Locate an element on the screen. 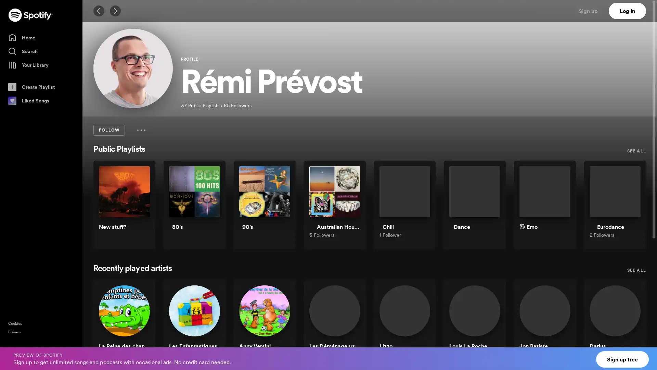 The height and width of the screenshot is (370, 657). Play Anny Versini is located at coordinates (279, 327).